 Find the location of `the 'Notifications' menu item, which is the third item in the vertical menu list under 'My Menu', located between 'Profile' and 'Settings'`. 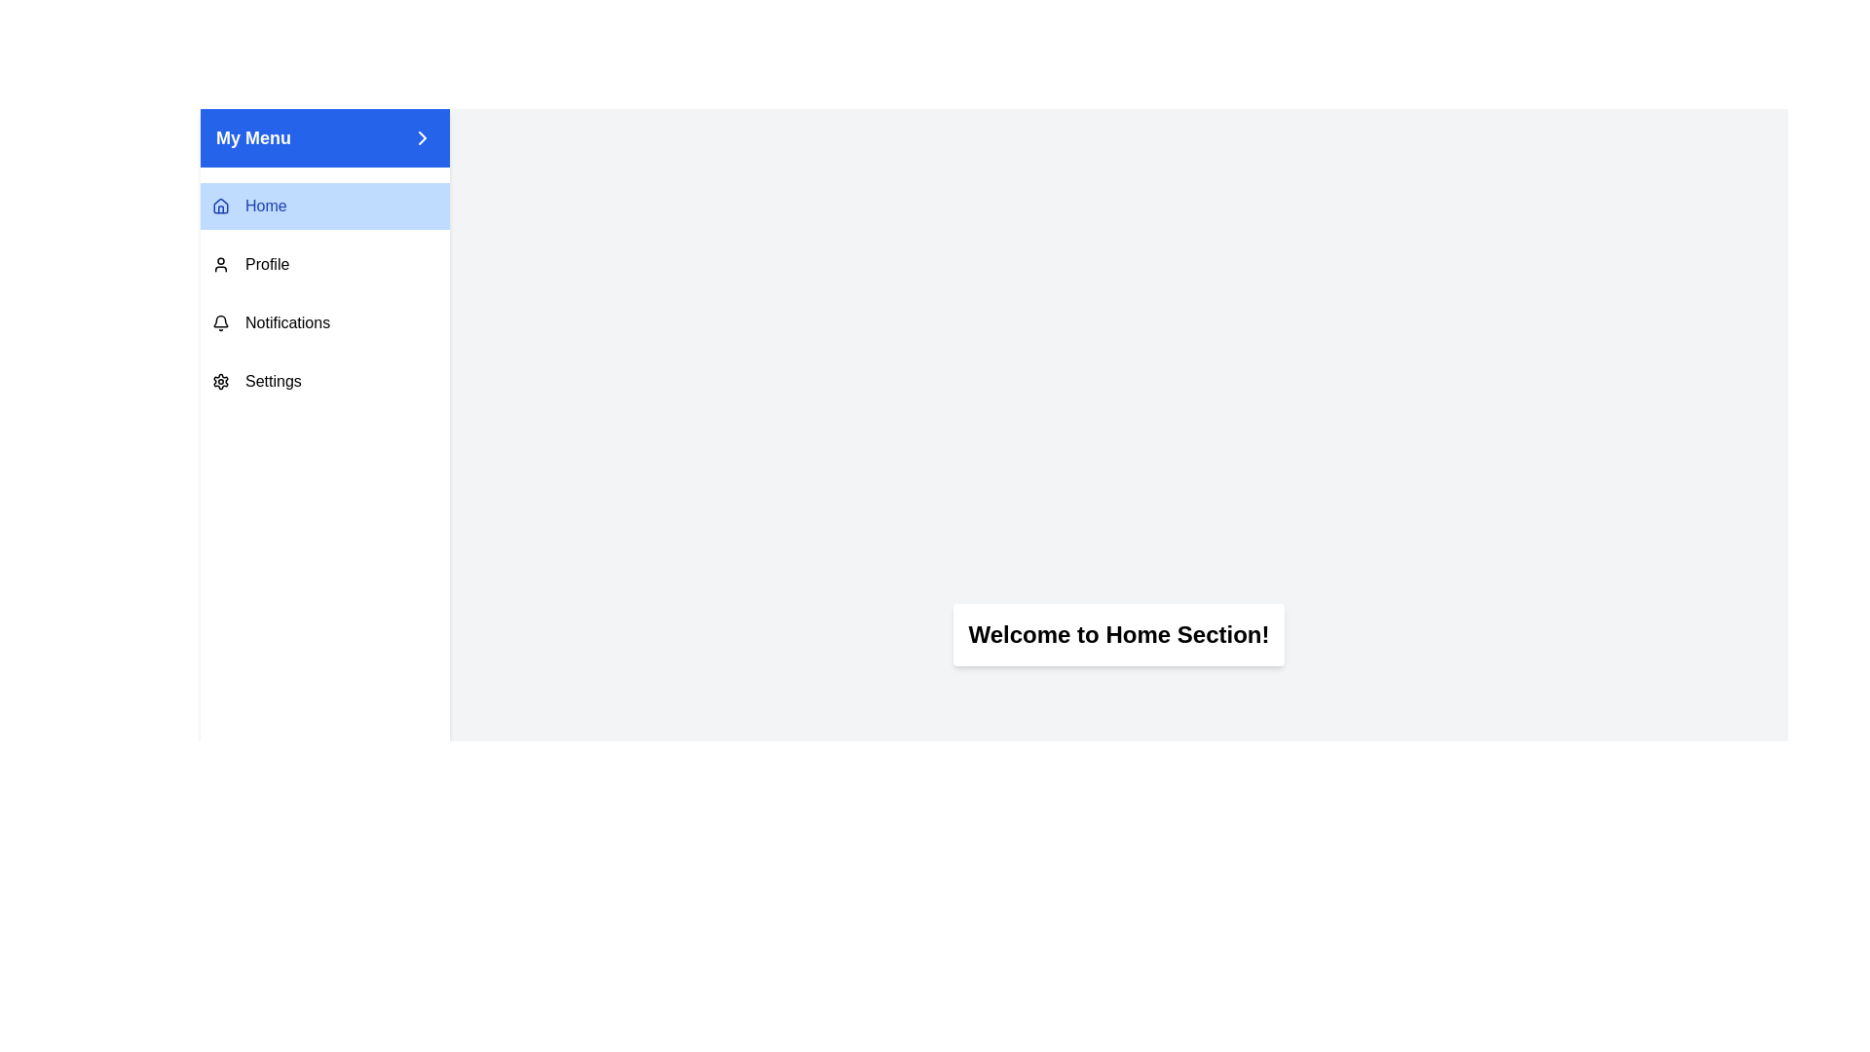

the 'Notifications' menu item, which is the third item in the vertical menu list under 'My Menu', located between 'Profile' and 'Settings' is located at coordinates (325, 321).